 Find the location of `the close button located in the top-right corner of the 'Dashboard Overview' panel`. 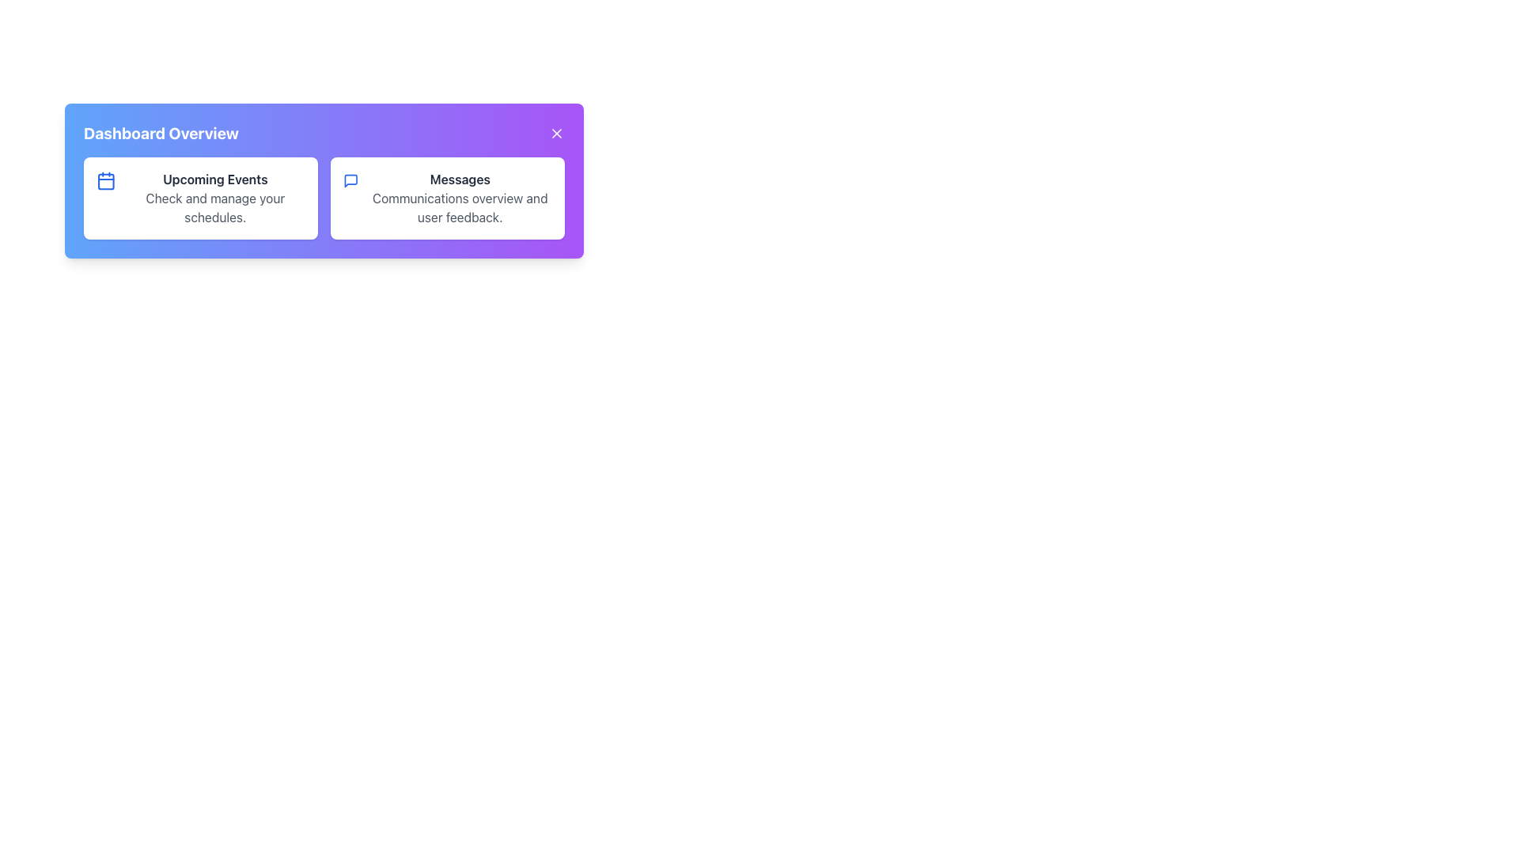

the close button located in the top-right corner of the 'Dashboard Overview' panel is located at coordinates (557, 133).